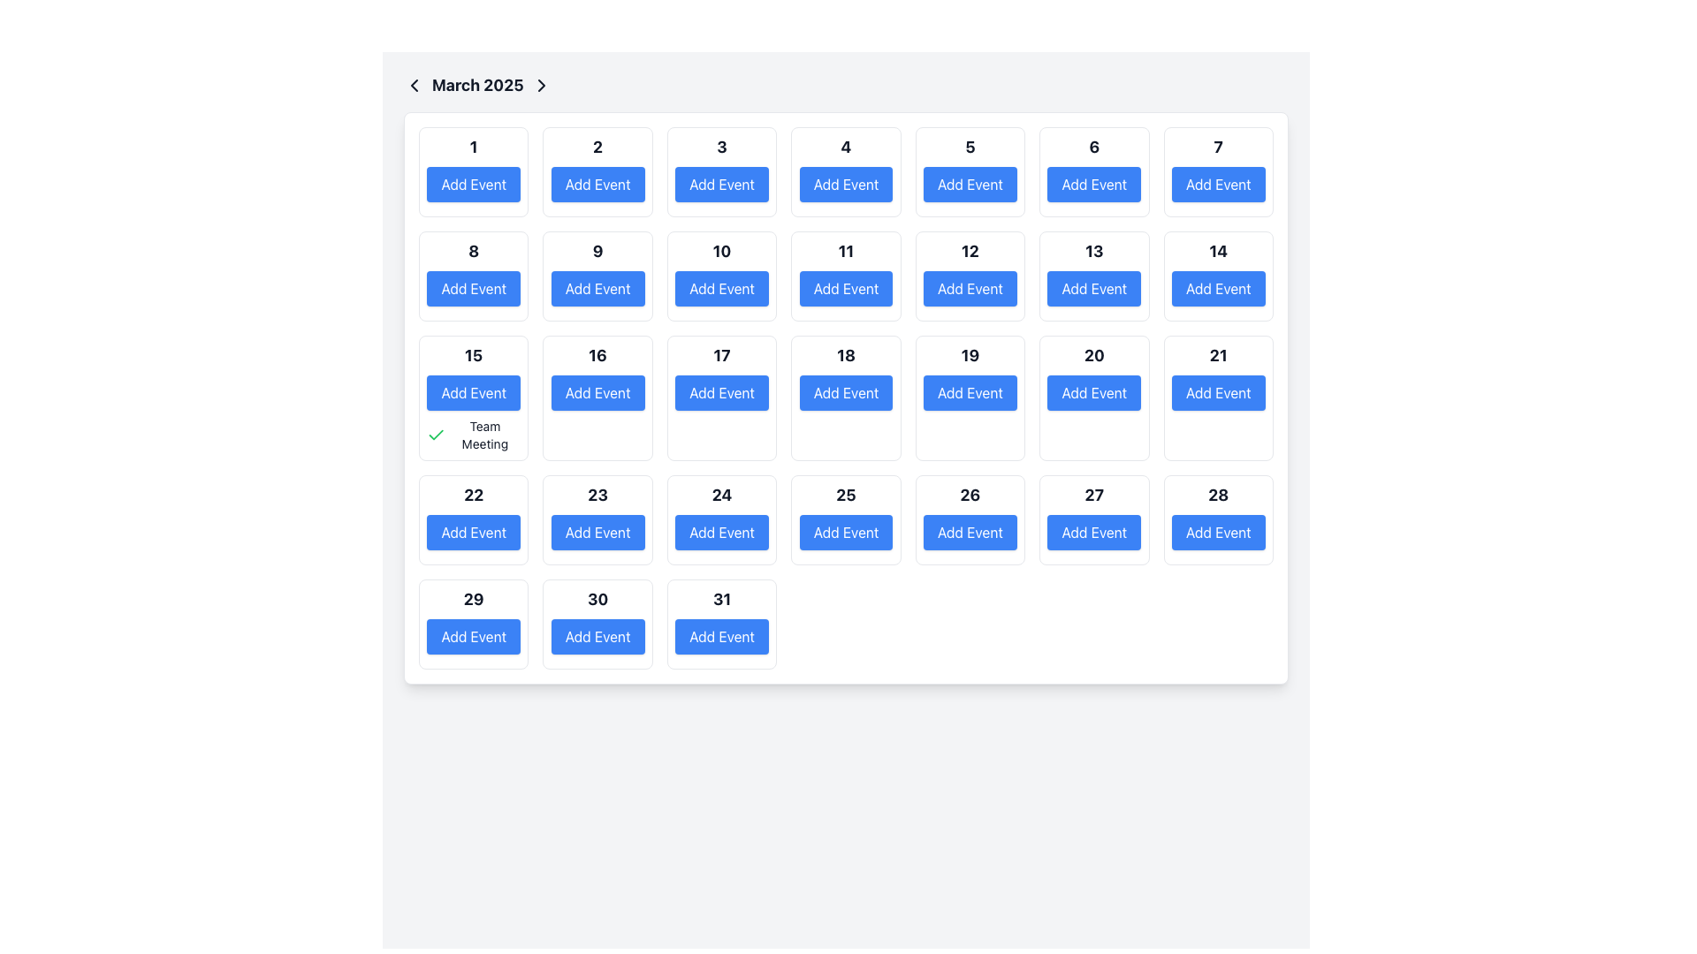  What do you see at coordinates (1217, 495) in the screenshot?
I see `the static text label indicating the 28th day of the month in the calendar, which is located in the last column of the fourth row, above the 'Add Event' button` at bounding box center [1217, 495].